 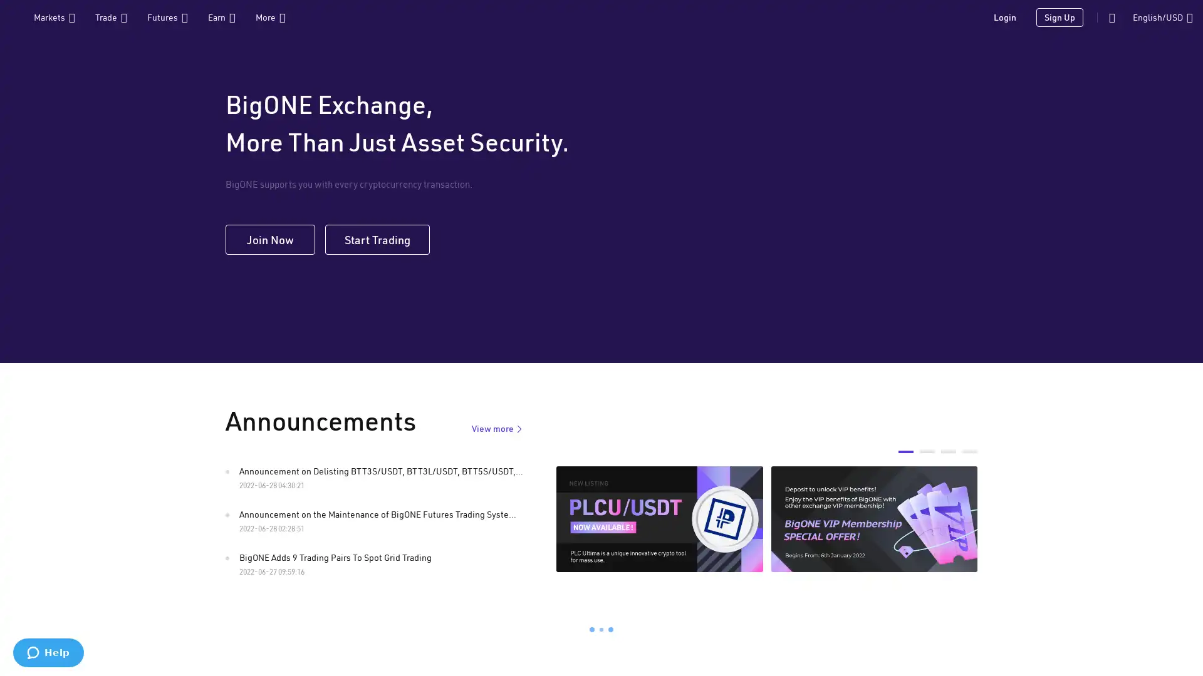 What do you see at coordinates (377, 239) in the screenshot?
I see `Start Trading` at bounding box center [377, 239].